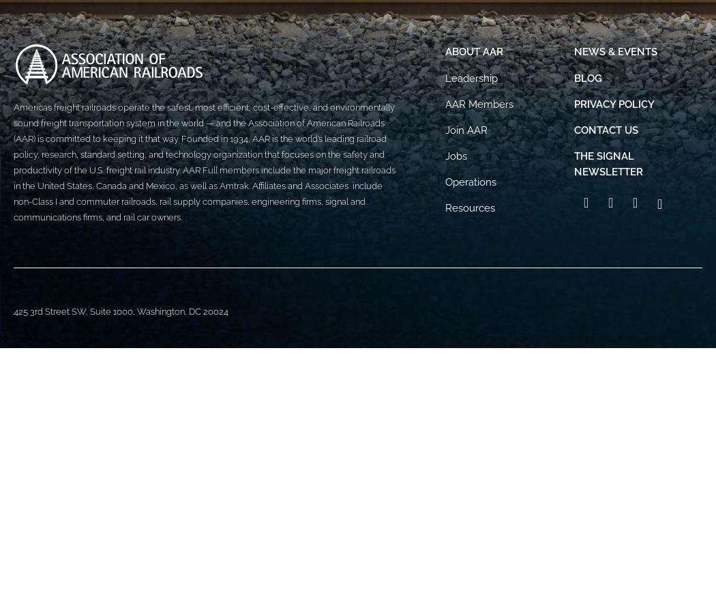 The image size is (716, 602). Describe the element at coordinates (203, 160) in the screenshot. I see `'America’s freight railroads operate the safest, most efficient, cost-effective, and environmentally sound freight transportation system in the world — and the Association of American Railroads (AAR) is committed to keeping it that way. Founded in 1934, AAR is the world’s leading railroad policy, research, standard setting, and technology organization that focuses on the safety and productivity of the U.S. freight rail industry. AAR Full members include the major freight railroads in the United States, Canada and Mexico, as well as Amtrak. Affiliates and Associates  include non-Class I and commuter railroads, rail supply companies, engineering firms, signal and communications firms, and rail car owners.'` at that location.